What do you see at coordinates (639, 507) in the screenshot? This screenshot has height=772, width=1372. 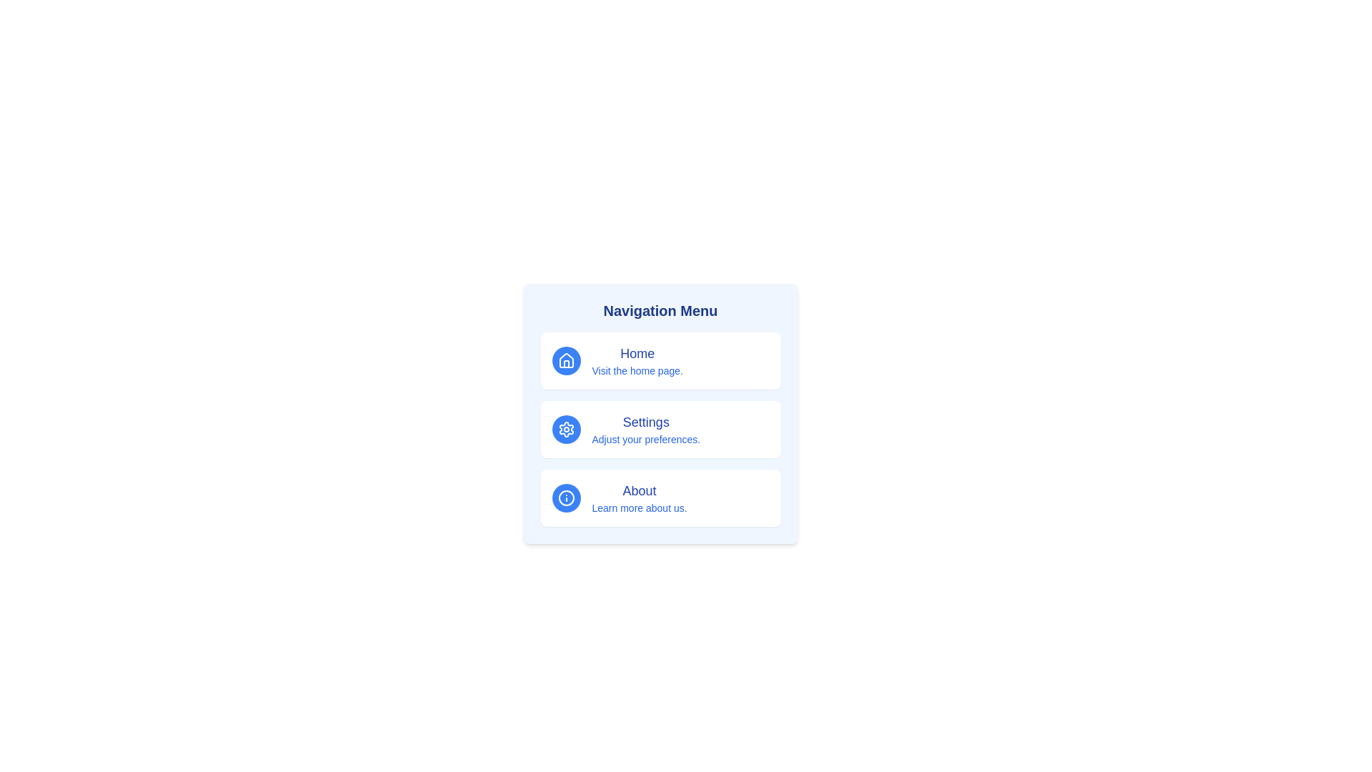 I see `the text element that reads 'Learn more about us.' located in the 'About' section of the navigation menu, which is styled with a small blue font` at bounding box center [639, 507].